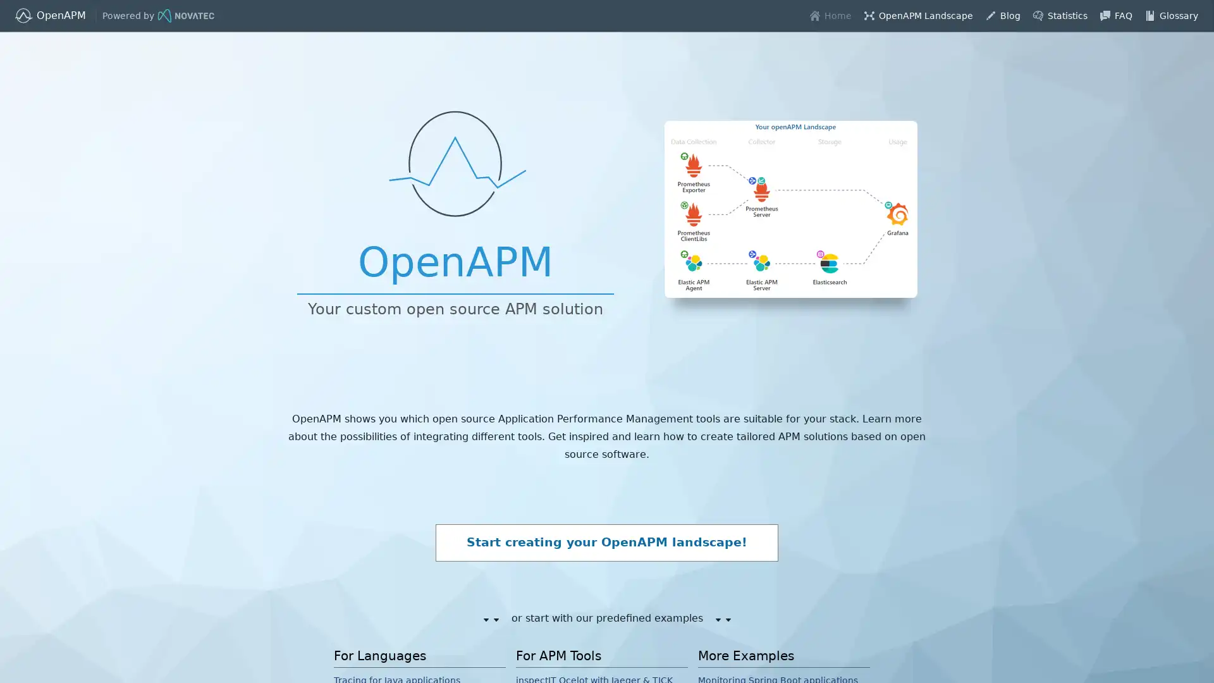  What do you see at coordinates (1116, 15) in the screenshot?
I see `chat FAQ` at bounding box center [1116, 15].